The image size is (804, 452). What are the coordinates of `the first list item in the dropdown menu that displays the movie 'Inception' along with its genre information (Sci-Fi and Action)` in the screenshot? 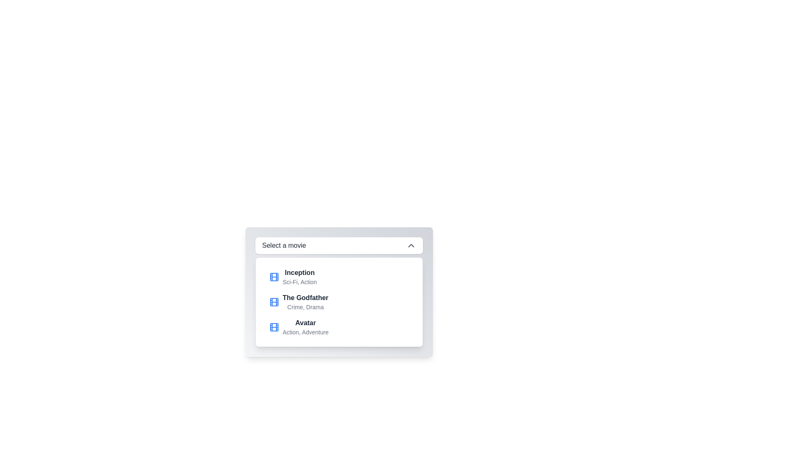 It's located at (293, 277).